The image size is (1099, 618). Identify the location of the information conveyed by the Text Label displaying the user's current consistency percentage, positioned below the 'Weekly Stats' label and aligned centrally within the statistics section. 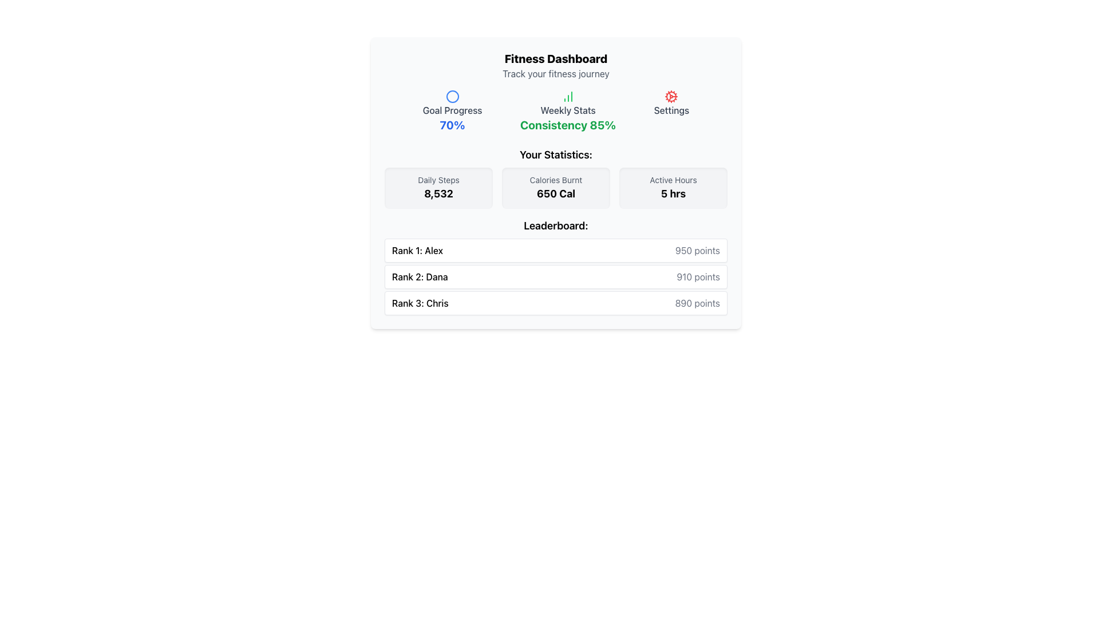
(568, 125).